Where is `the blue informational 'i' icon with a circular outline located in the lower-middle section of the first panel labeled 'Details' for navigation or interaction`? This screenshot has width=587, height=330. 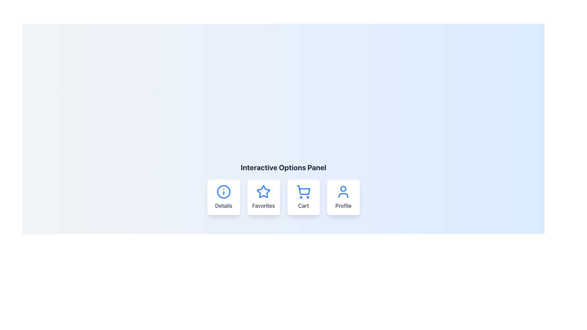
the blue informational 'i' icon with a circular outline located in the lower-middle section of the first panel labeled 'Details' for navigation or interaction is located at coordinates (223, 192).